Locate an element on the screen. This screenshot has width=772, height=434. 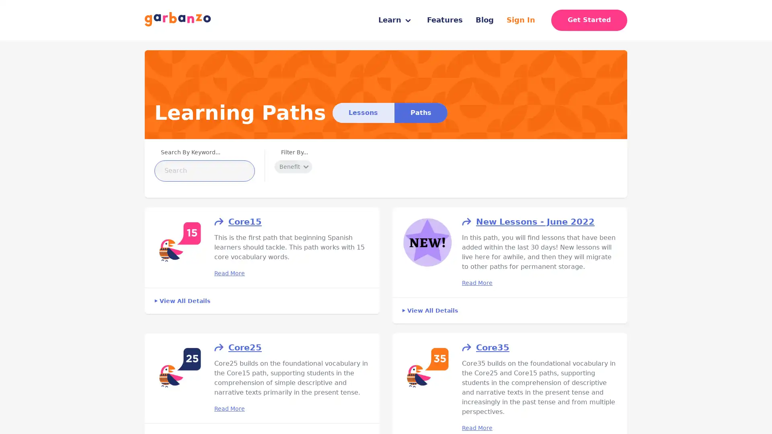
Benefit is located at coordinates (293, 166).